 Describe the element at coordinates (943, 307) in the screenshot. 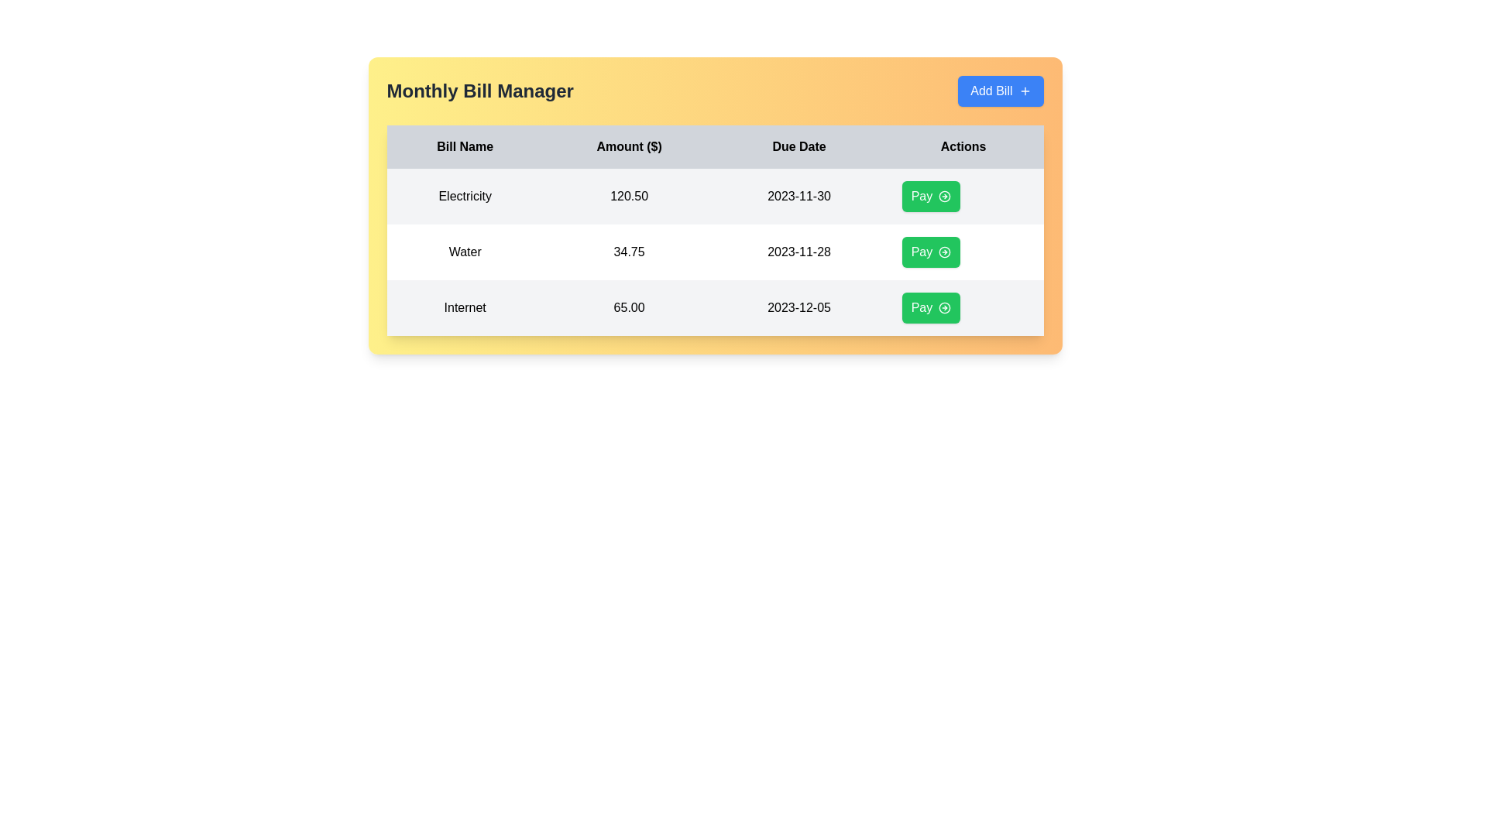

I see `the arrow icon within the green 'Pay' button located in the 'Internet' row of the 'Actions' column in the table` at that location.